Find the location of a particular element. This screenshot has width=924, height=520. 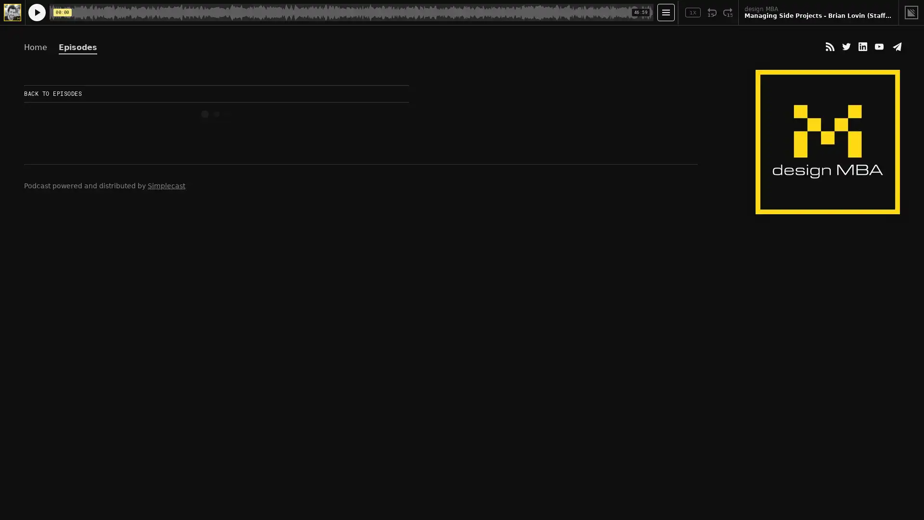

Open Player Settings is located at coordinates (665, 13).